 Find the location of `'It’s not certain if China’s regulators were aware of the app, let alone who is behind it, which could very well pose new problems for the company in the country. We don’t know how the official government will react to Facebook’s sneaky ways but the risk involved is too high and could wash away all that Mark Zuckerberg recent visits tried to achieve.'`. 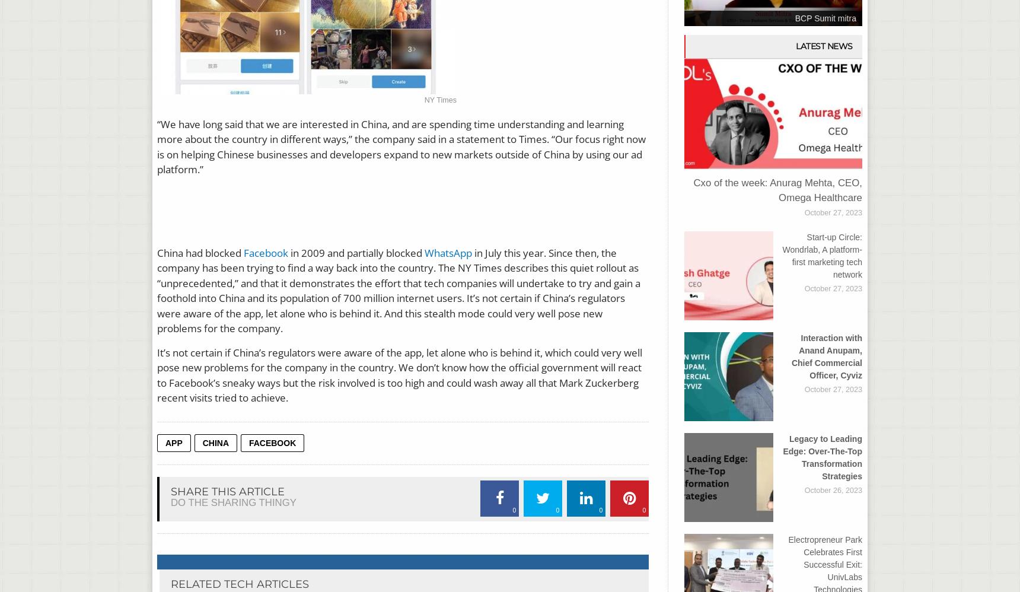

'It’s not certain if China’s regulators were aware of the app, let alone who is behind it, which could very well pose new problems for the company in the country. We don’t know how the official government will react to Facebook’s sneaky ways but the risk involved is too high and could wash away all that Mark Zuckerberg recent visits tried to achieve.' is located at coordinates (400, 375).